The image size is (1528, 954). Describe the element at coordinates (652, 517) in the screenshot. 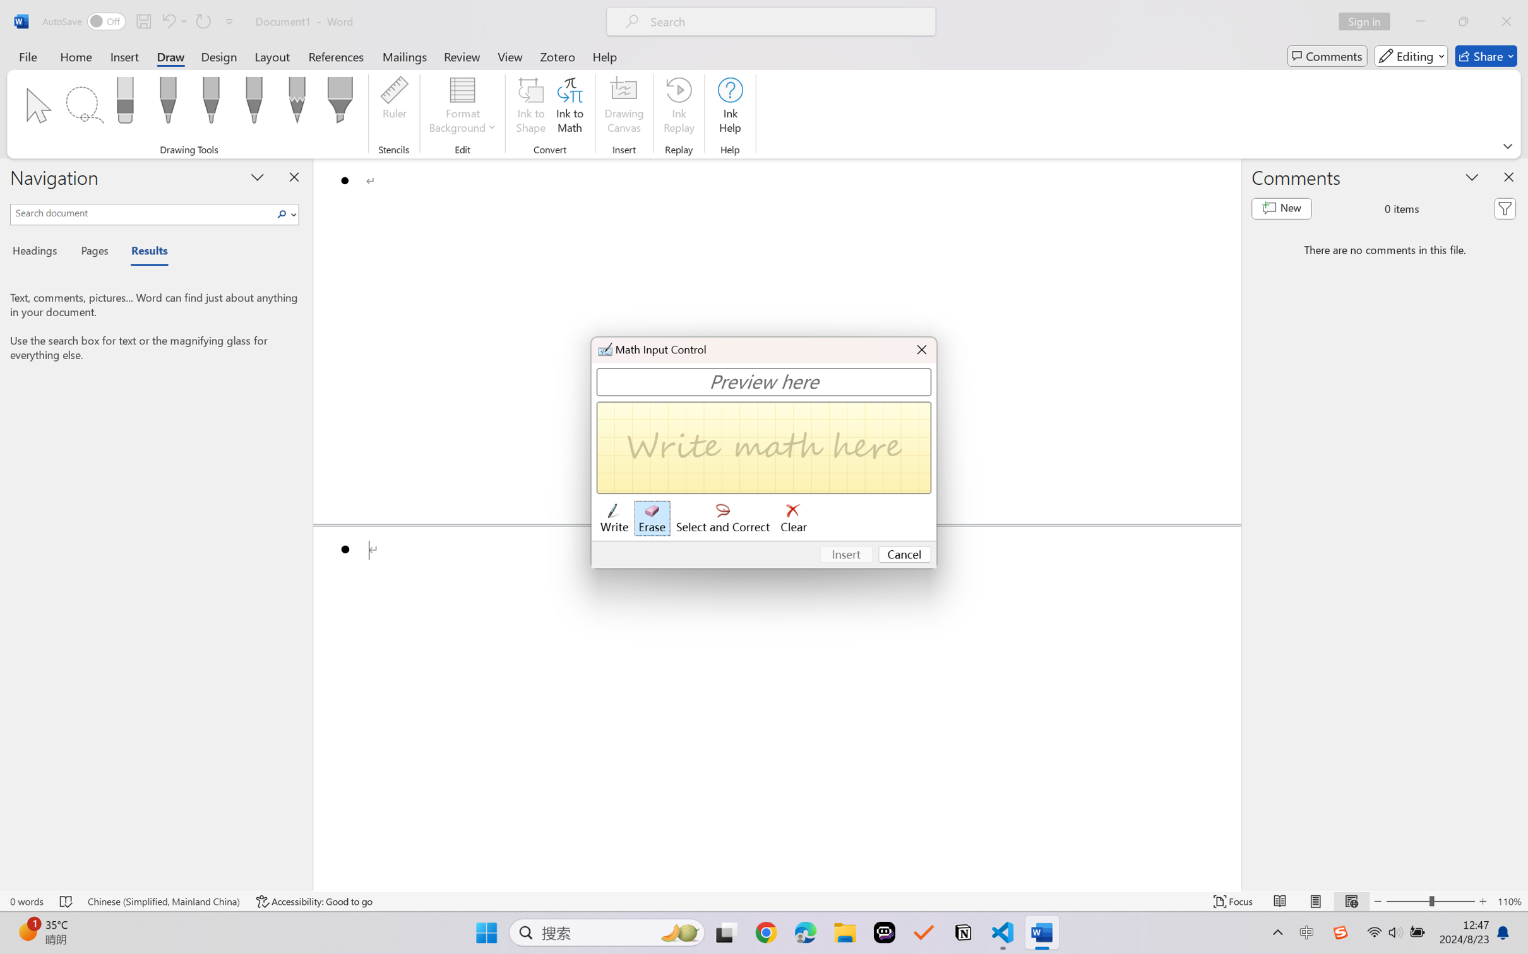

I see `'Erase'` at that location.